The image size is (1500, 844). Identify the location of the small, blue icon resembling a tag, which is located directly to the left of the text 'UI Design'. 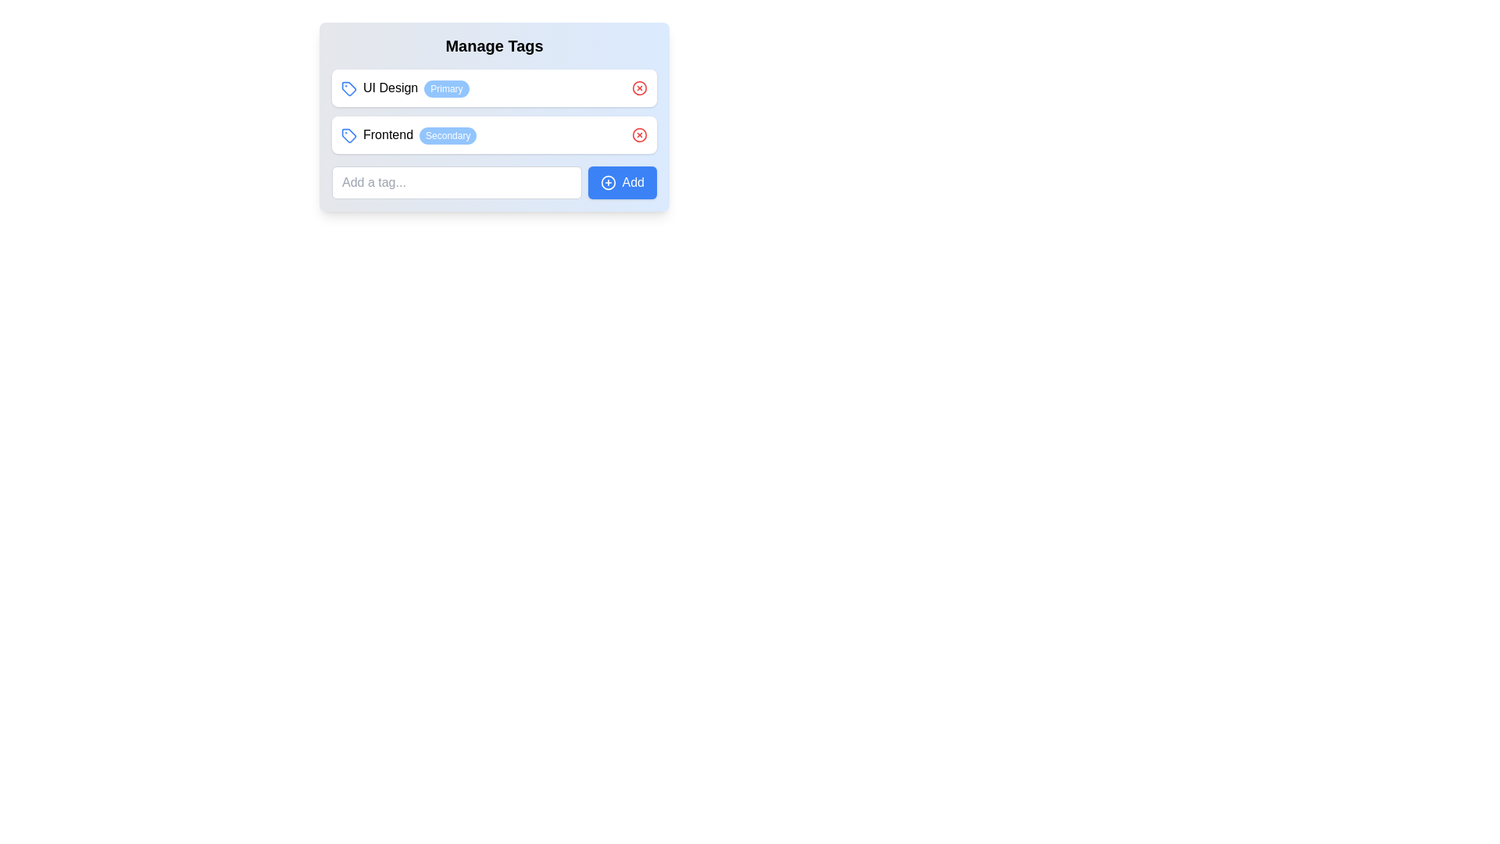
(348, 88).